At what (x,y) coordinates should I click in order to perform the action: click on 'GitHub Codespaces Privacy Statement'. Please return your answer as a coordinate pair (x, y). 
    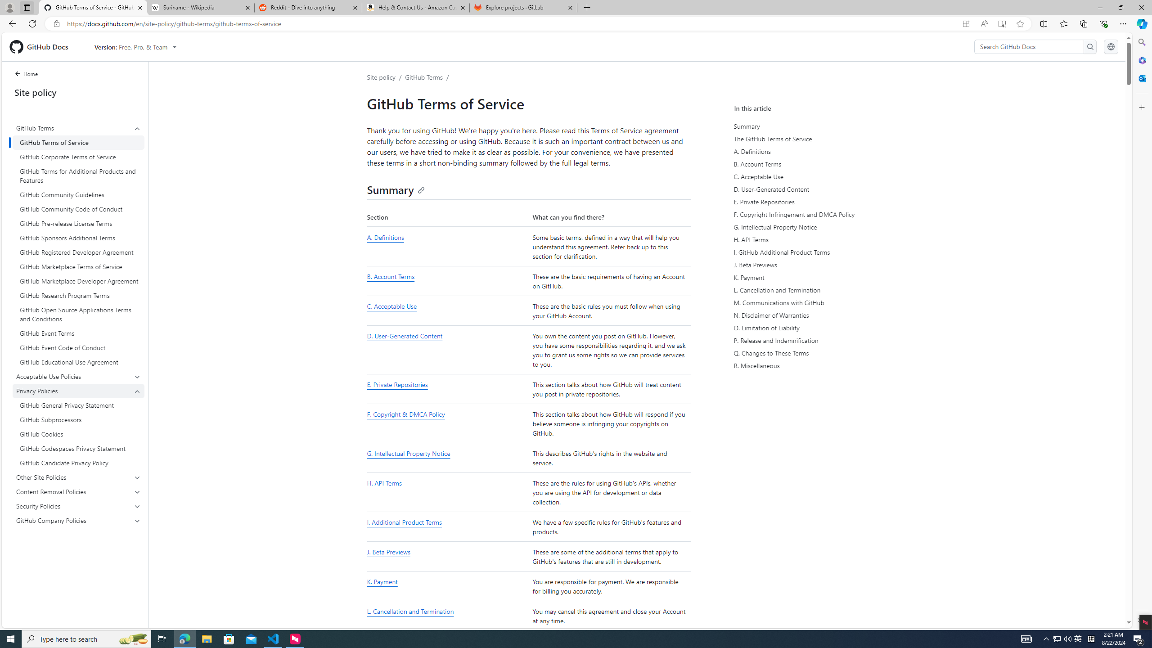
    Looking at the image, I should click on (78, 448).